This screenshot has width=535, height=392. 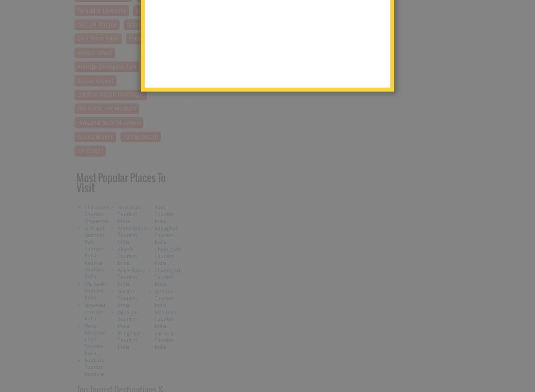 What do you see at coordinates (131, 234) in the screenshot?
I see `'Ahmadabad Tourism  India'` at bounding box center [131, 234].